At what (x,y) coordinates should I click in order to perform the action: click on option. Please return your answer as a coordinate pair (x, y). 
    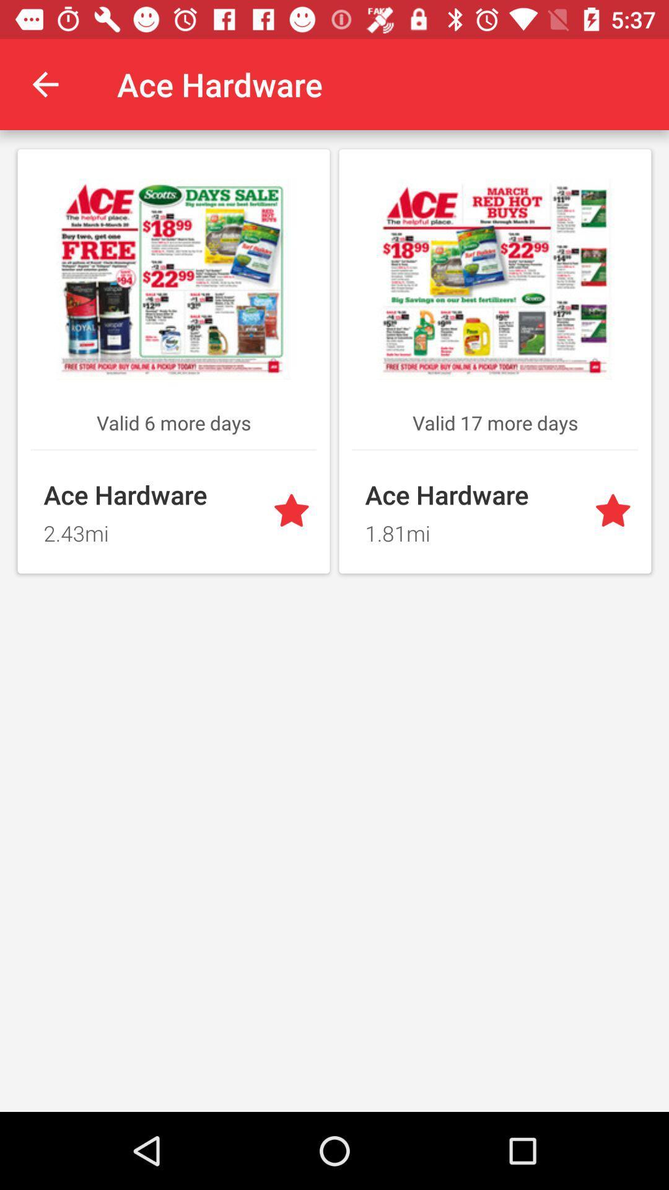
    Looking at the image, I should click on (294, 512).